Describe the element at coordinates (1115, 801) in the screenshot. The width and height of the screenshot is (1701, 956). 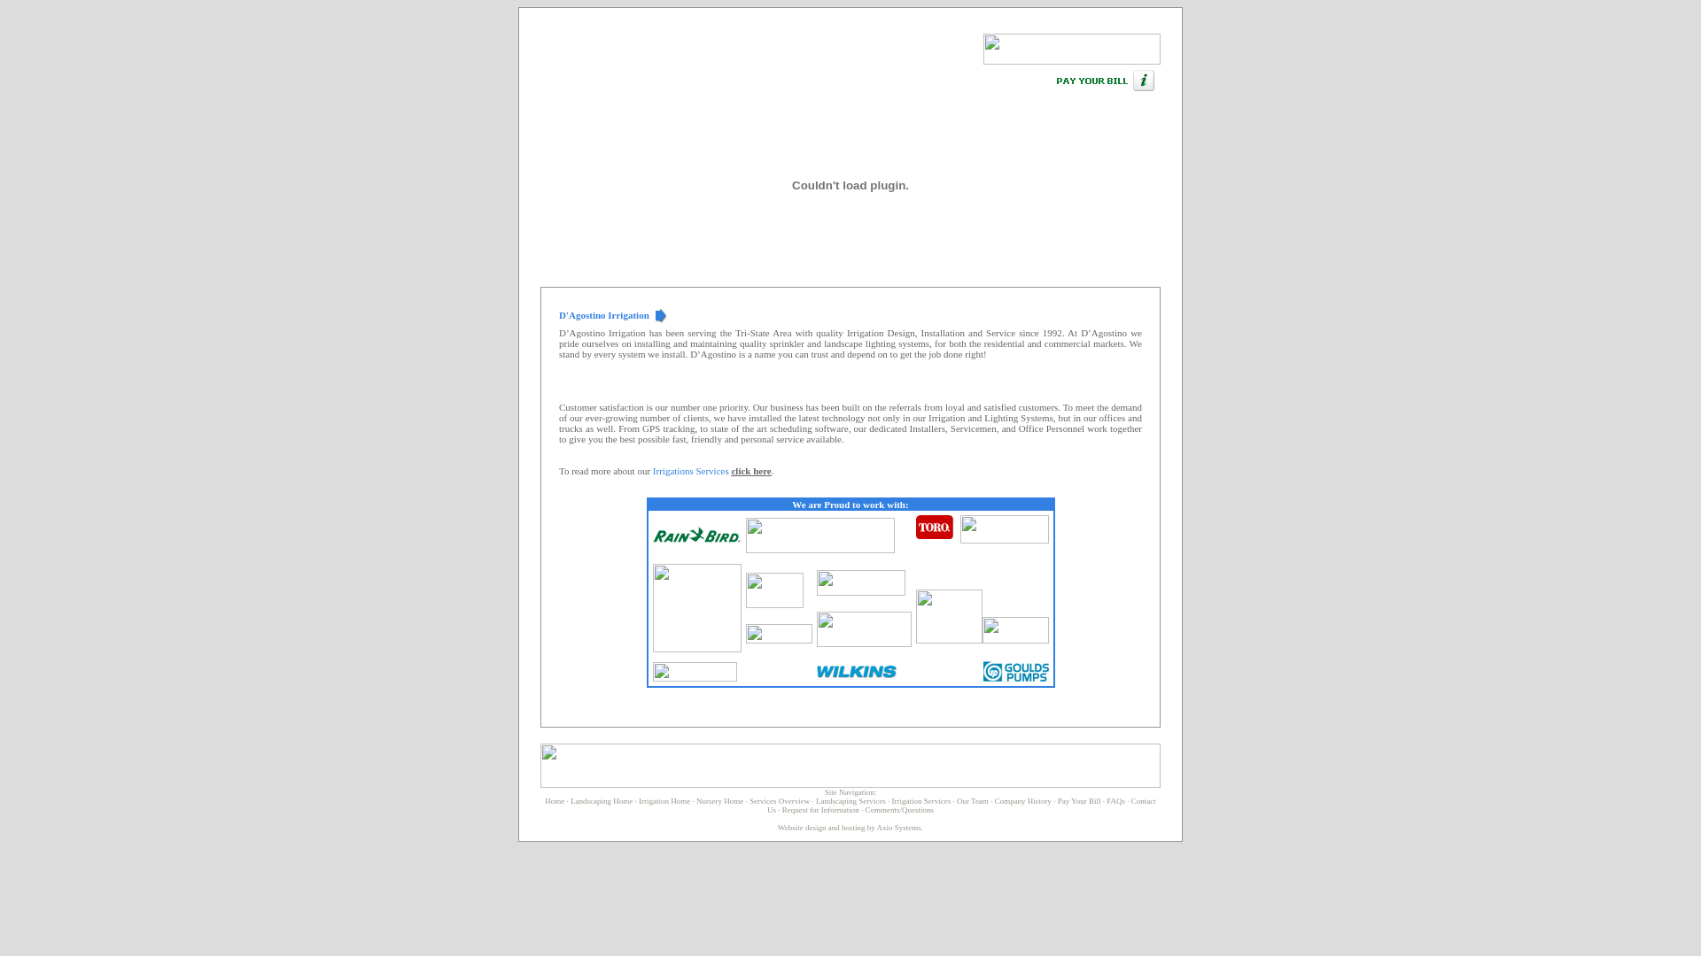
I see `'FAQs'` at that location.